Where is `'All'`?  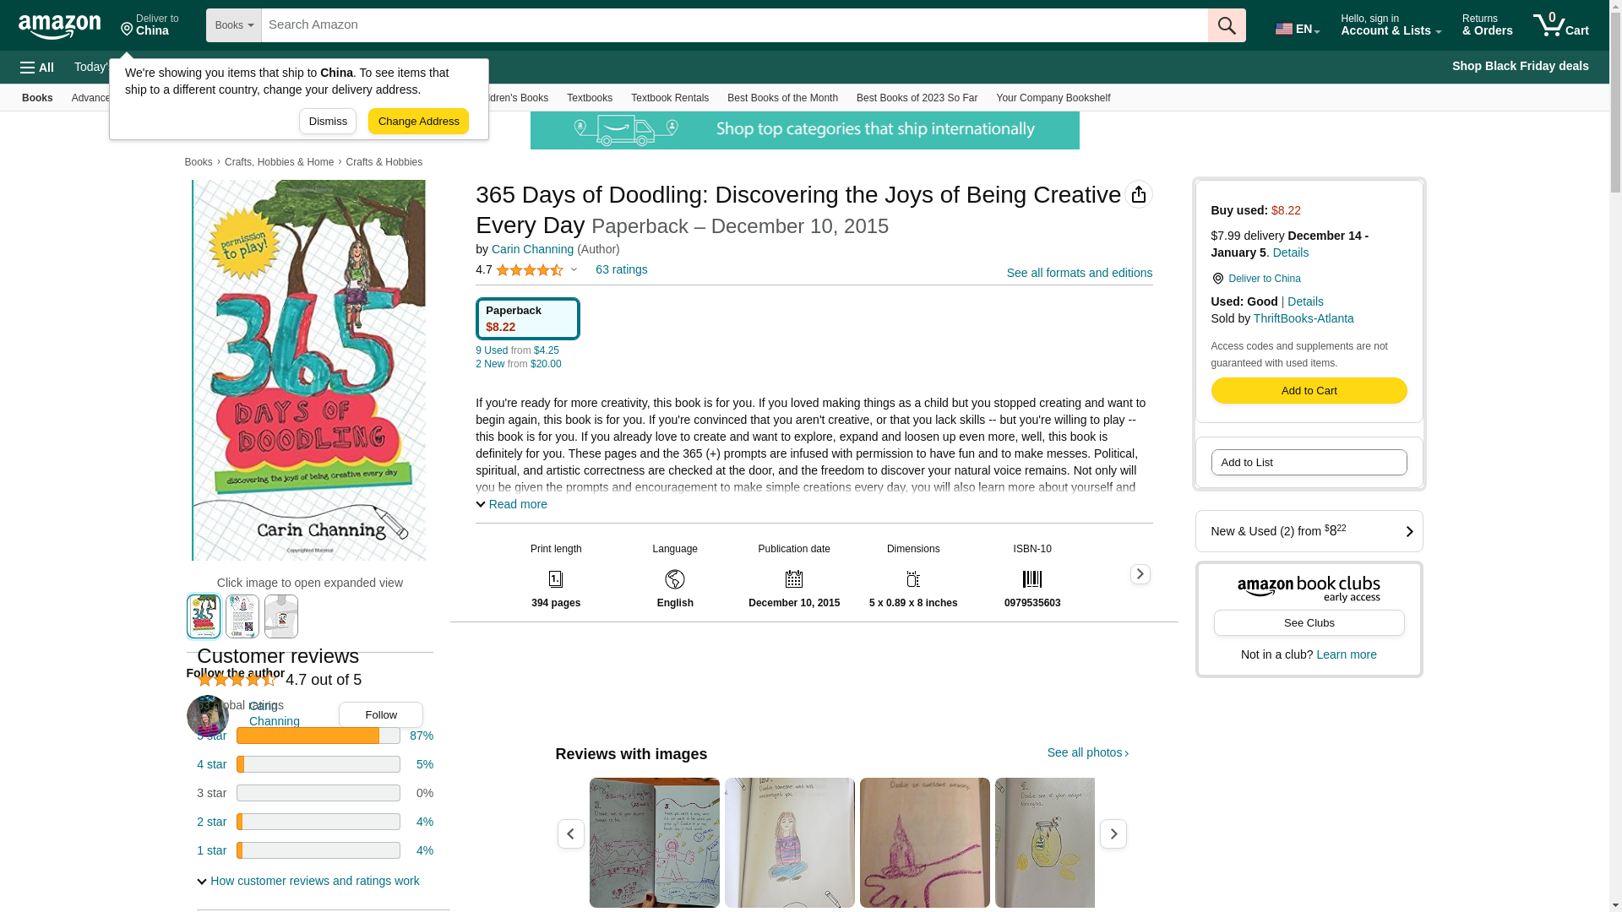 'All' is located at coordinates (12, 66).